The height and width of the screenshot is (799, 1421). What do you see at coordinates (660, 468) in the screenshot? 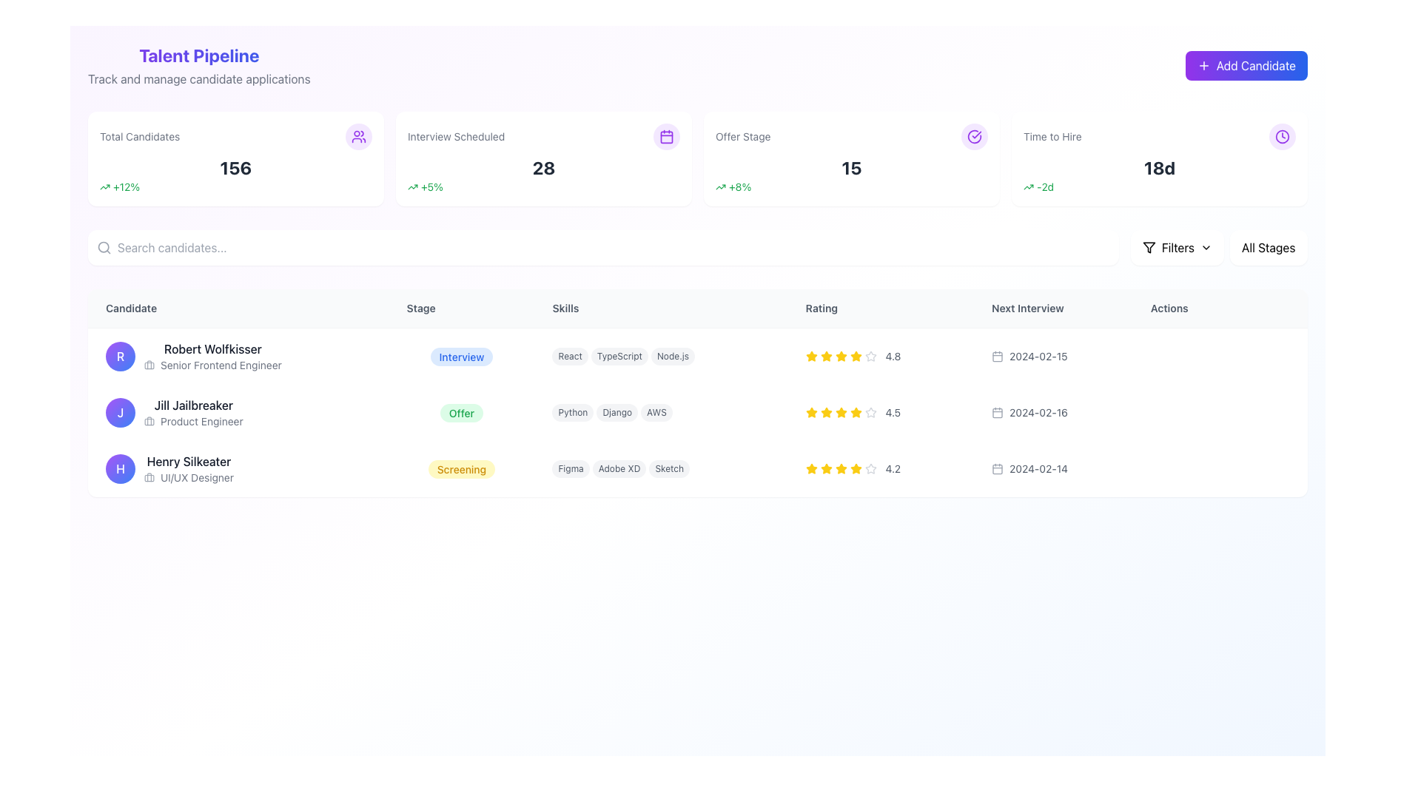
I see `the individual text badges in the Skills column for candidate Henry Silkeater` at bounding box center [660, 468].